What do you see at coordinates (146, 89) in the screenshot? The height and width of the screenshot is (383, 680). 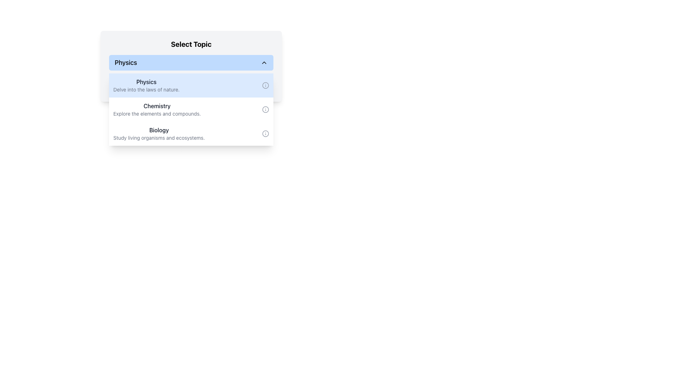 I see `descriptive subtitle text display located directly beneath the 'Physics' heading in the dropdown menu` at bounding box center [146, 89].